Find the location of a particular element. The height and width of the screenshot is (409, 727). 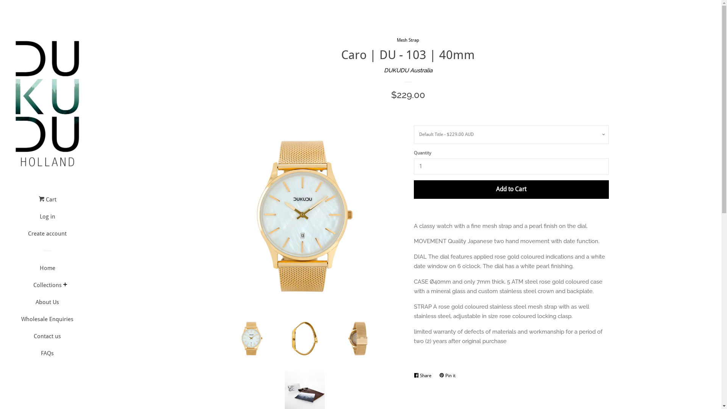

'About Us' is located at coordinates (47, 304).